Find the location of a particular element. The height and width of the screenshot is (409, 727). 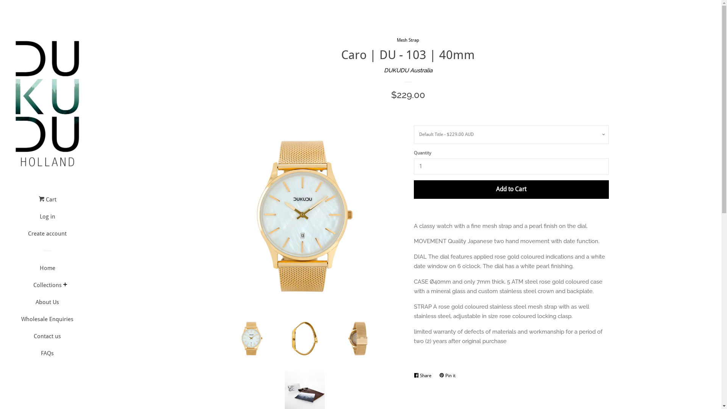

'About Us' is located at coordinates (47, 304).